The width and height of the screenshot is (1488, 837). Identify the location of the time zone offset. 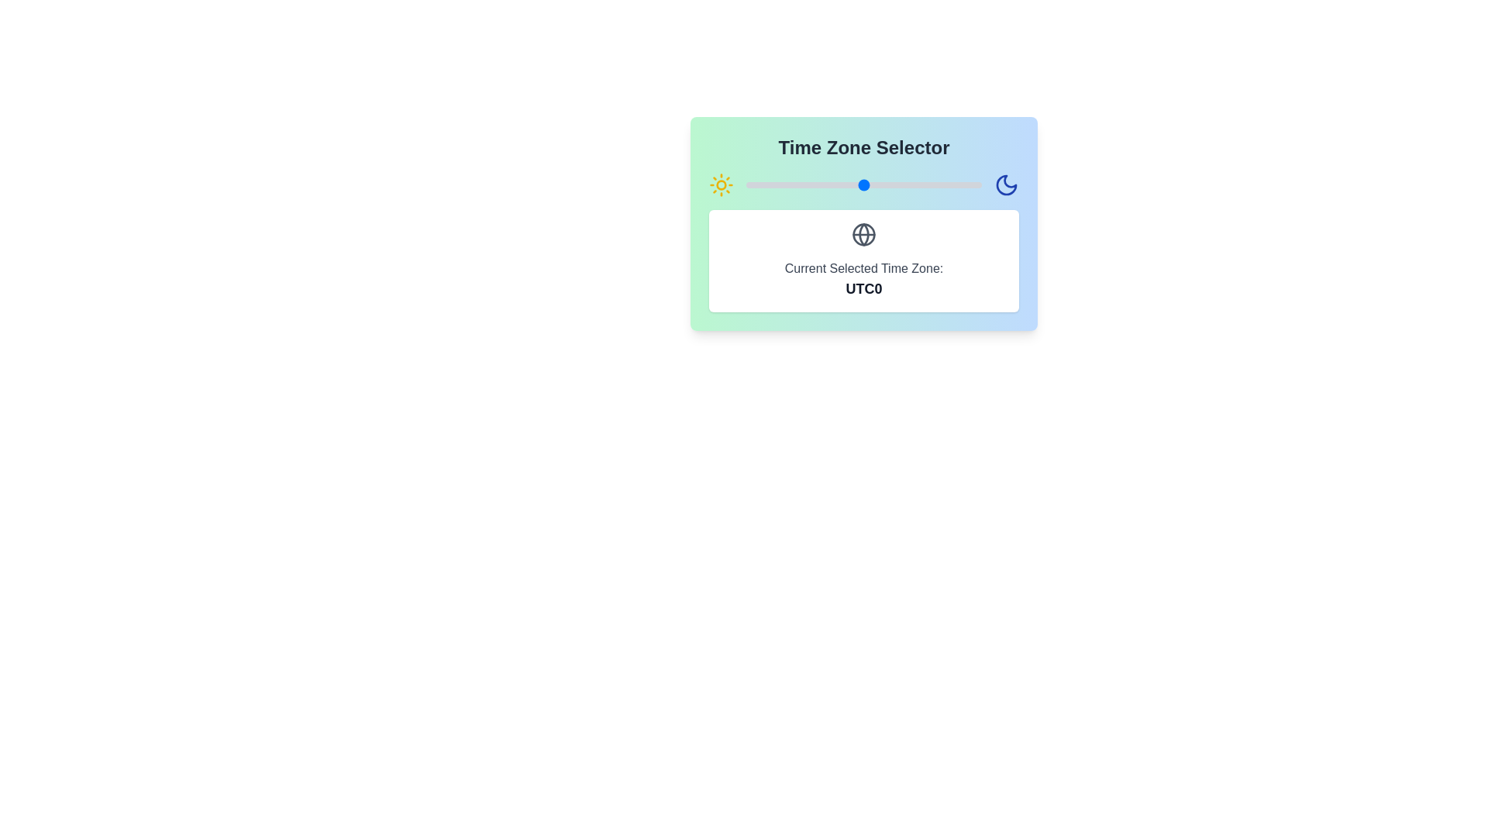
(876, 184).